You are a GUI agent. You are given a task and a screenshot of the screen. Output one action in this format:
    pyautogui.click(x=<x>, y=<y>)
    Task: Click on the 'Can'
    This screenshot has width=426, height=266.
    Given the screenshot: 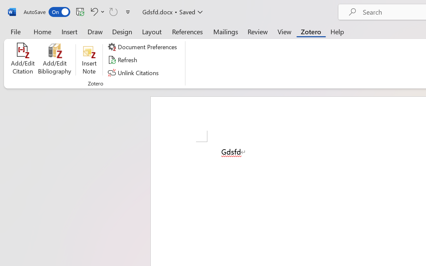 What is the action you would take?
    pyautogui.click(x=113, y=11)
    